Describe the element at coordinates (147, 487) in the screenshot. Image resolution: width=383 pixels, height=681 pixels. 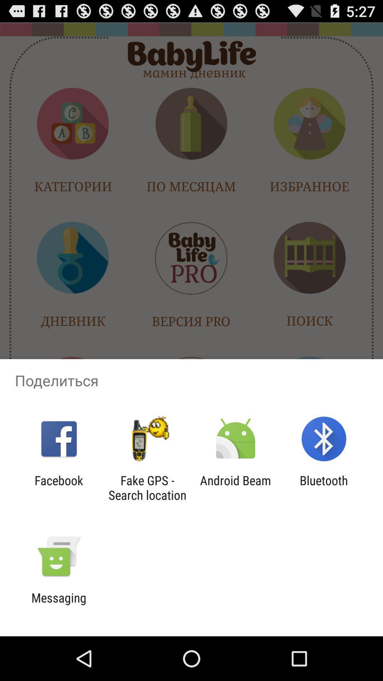
I see `the app next to android beam app` at that location.